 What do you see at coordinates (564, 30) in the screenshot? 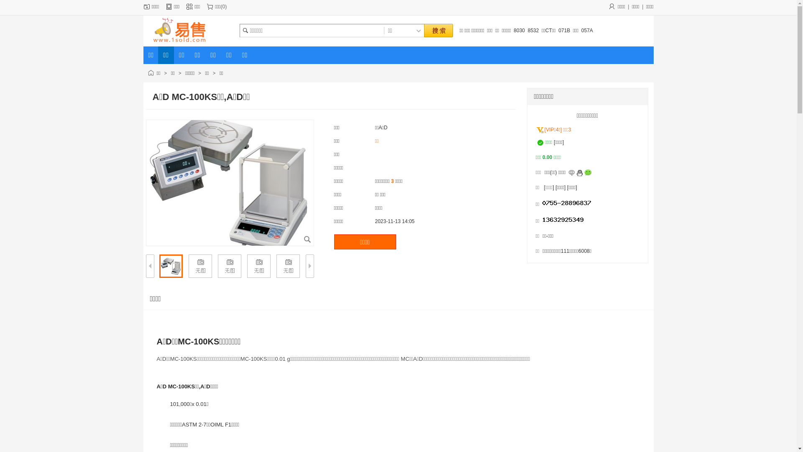
I see `'071B'` at bounding box center [564, 30].